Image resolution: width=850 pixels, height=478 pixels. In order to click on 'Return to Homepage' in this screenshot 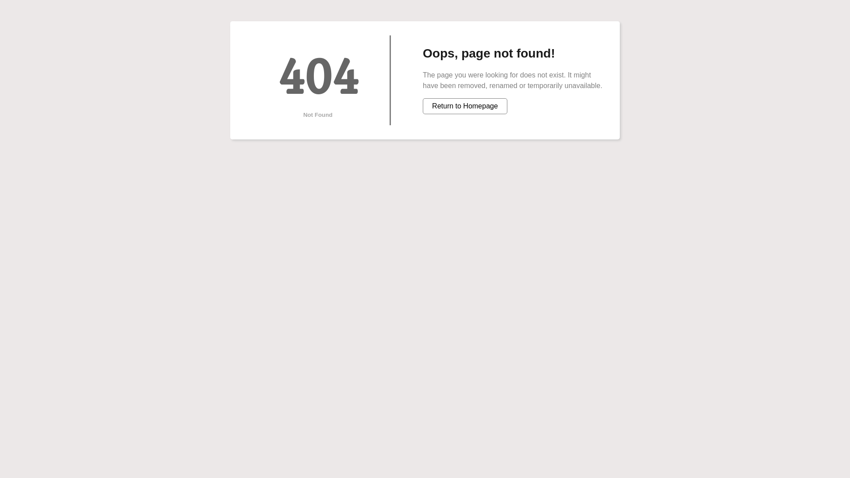, I will do `click(422, 105)`.